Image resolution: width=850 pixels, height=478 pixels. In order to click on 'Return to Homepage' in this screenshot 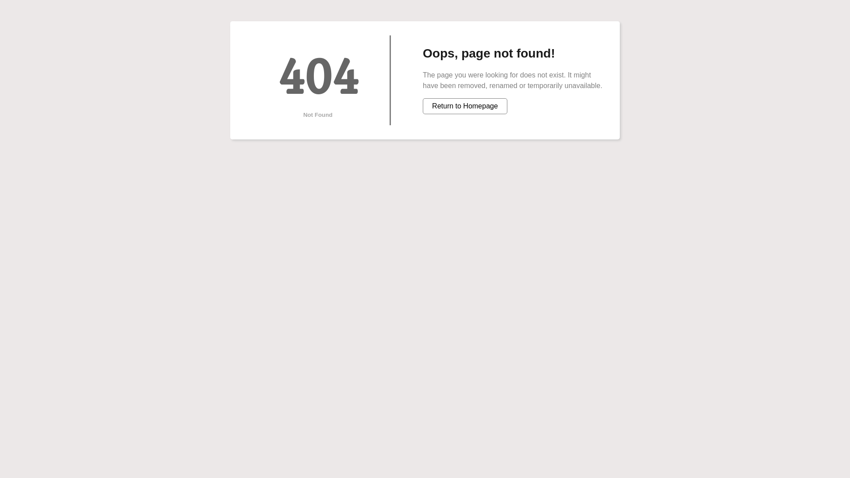, I will do `click(422, 105)`.